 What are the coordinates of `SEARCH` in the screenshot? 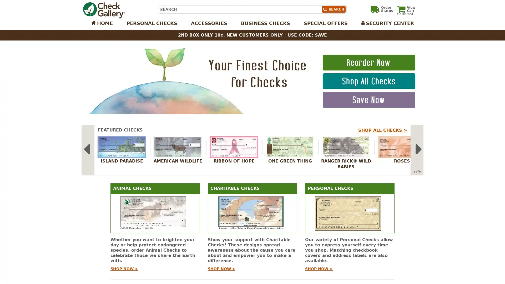 It's located at (333, 9).